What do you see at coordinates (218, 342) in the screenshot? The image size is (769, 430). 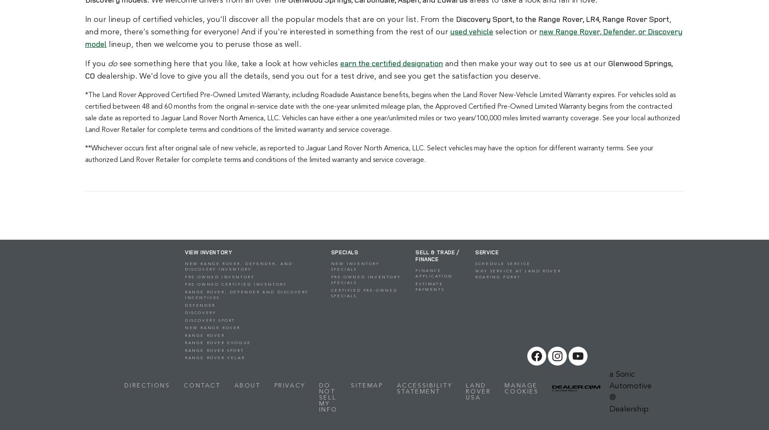 I see `'Range Rover Evoque'` at bounding box center [218, 342].